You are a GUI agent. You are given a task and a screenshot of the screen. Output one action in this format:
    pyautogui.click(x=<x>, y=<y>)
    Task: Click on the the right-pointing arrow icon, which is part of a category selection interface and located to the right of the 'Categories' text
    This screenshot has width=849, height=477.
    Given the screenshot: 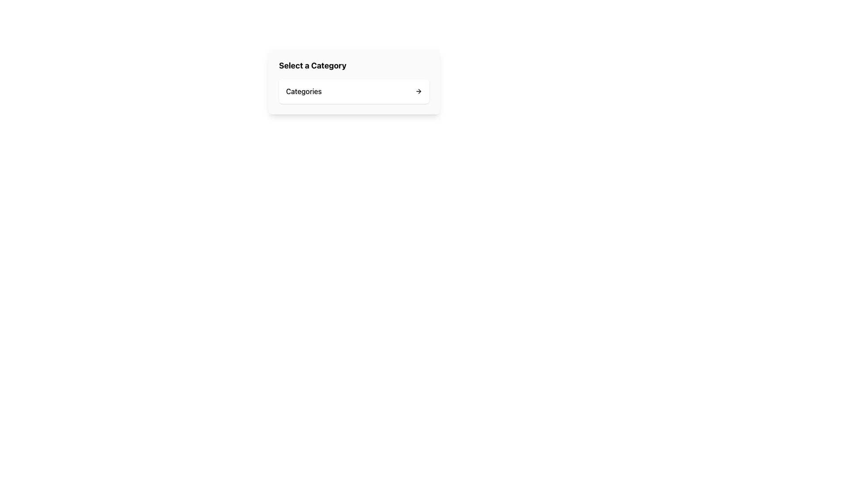 What is the action you would take?
    pyautogui.click(x=419, y=91)
    